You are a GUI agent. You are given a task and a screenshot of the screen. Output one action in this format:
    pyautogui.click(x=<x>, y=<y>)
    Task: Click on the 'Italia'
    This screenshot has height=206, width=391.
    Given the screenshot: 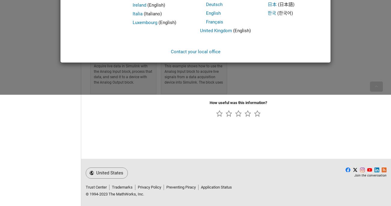 What is the action you would take?
    pyautogui.click(x=137, y=14)
    